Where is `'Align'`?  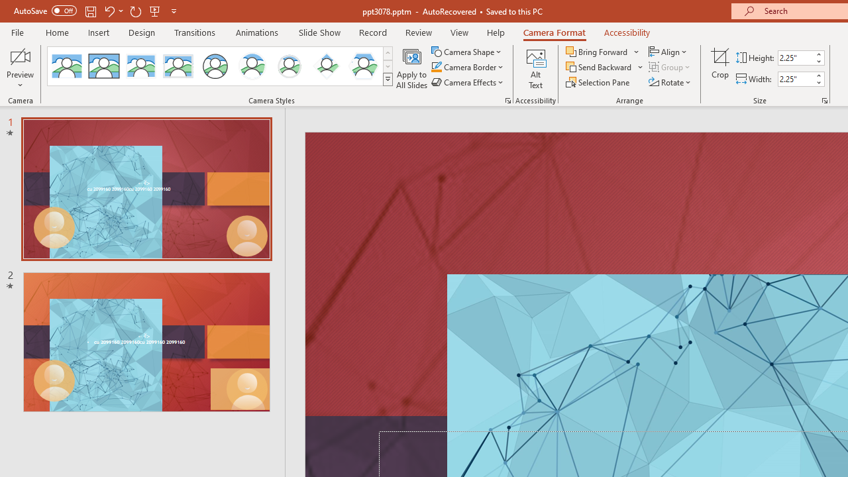 'Align' is located at coordinates (668, 51).